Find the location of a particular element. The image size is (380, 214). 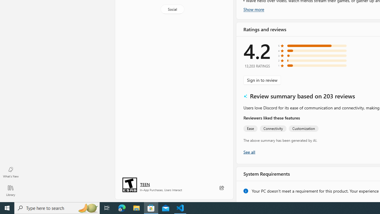

'Share' is located at coordinates (221, 188).